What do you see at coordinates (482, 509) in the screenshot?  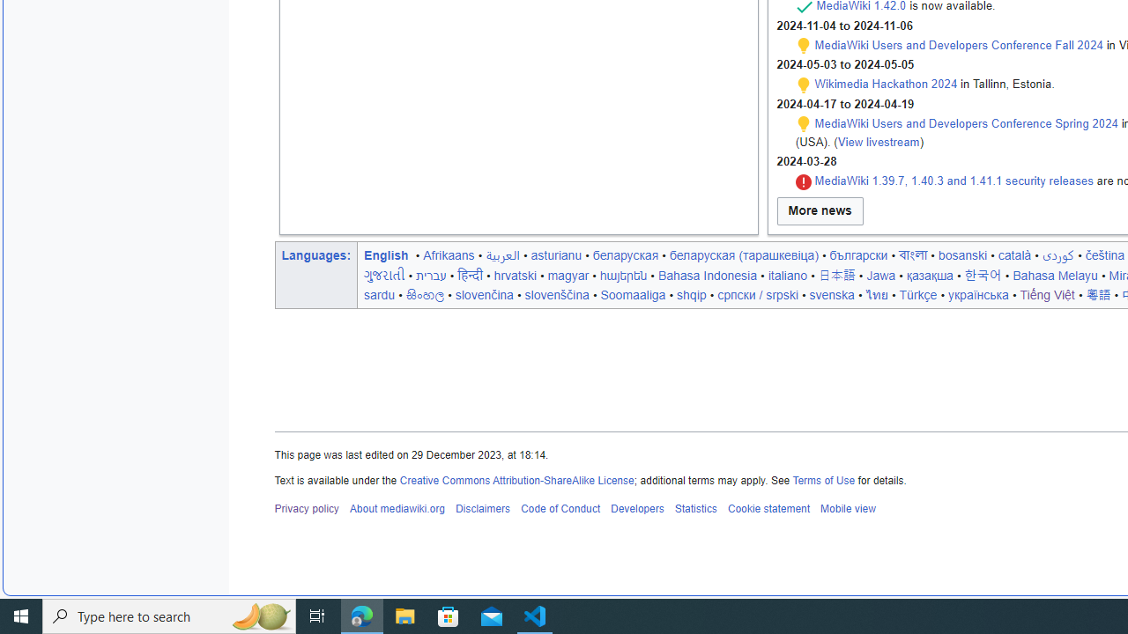 I see `'Disclaimers'` at bounding box center [482, 509].